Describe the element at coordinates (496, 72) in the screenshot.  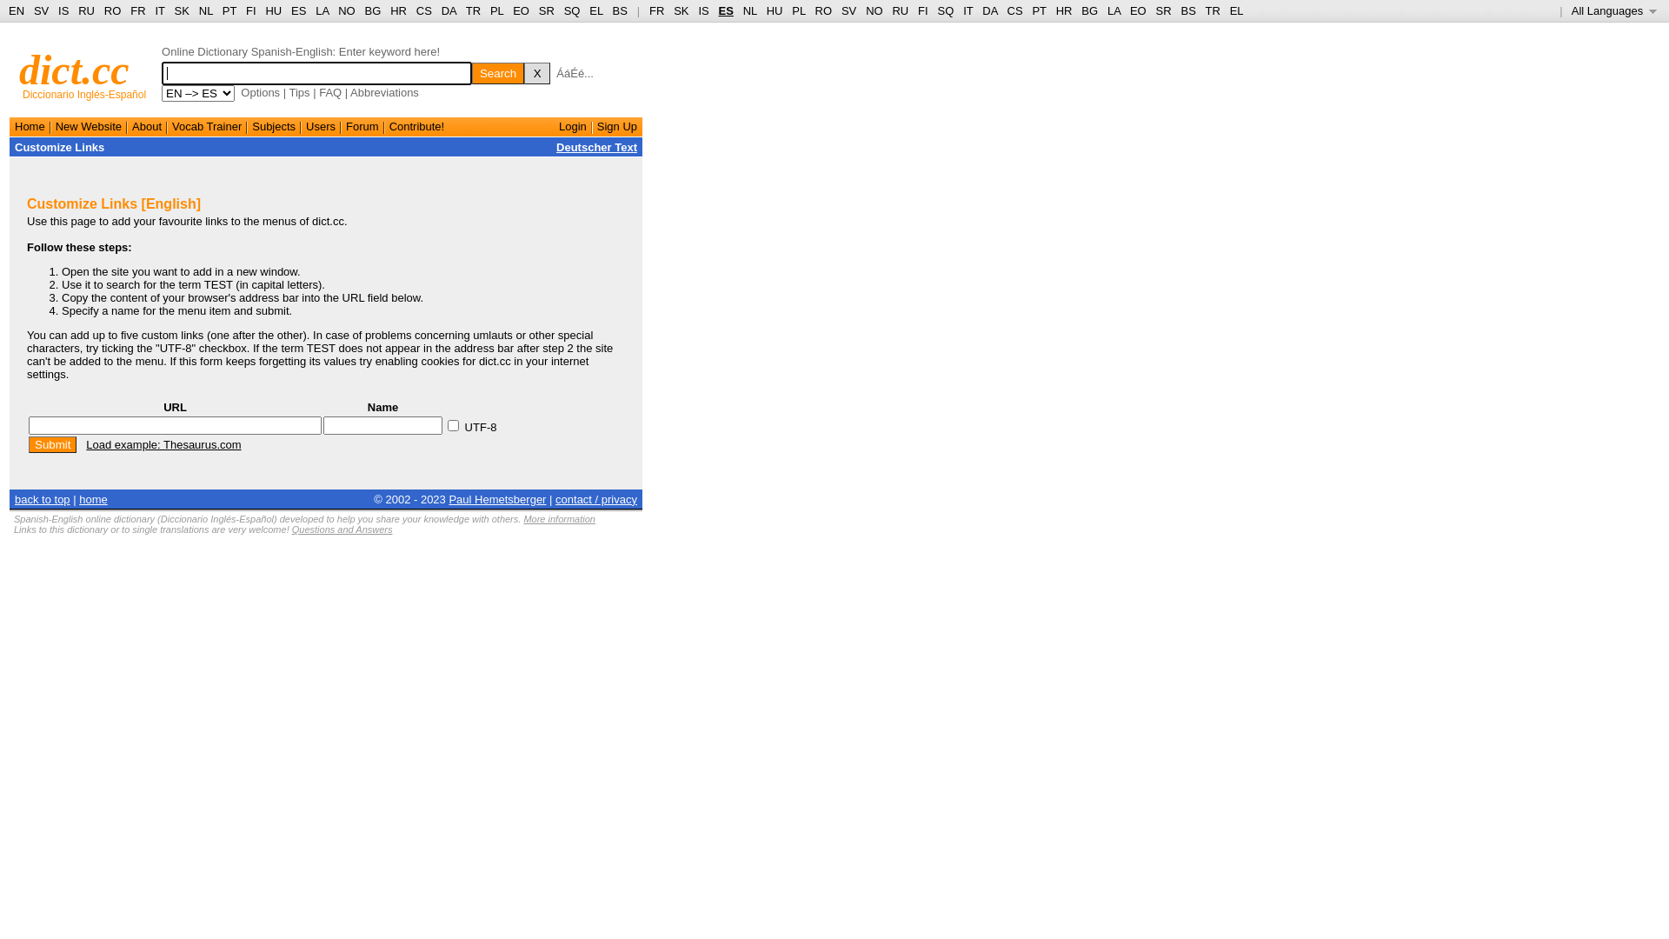
I see `'Search'` at that location.